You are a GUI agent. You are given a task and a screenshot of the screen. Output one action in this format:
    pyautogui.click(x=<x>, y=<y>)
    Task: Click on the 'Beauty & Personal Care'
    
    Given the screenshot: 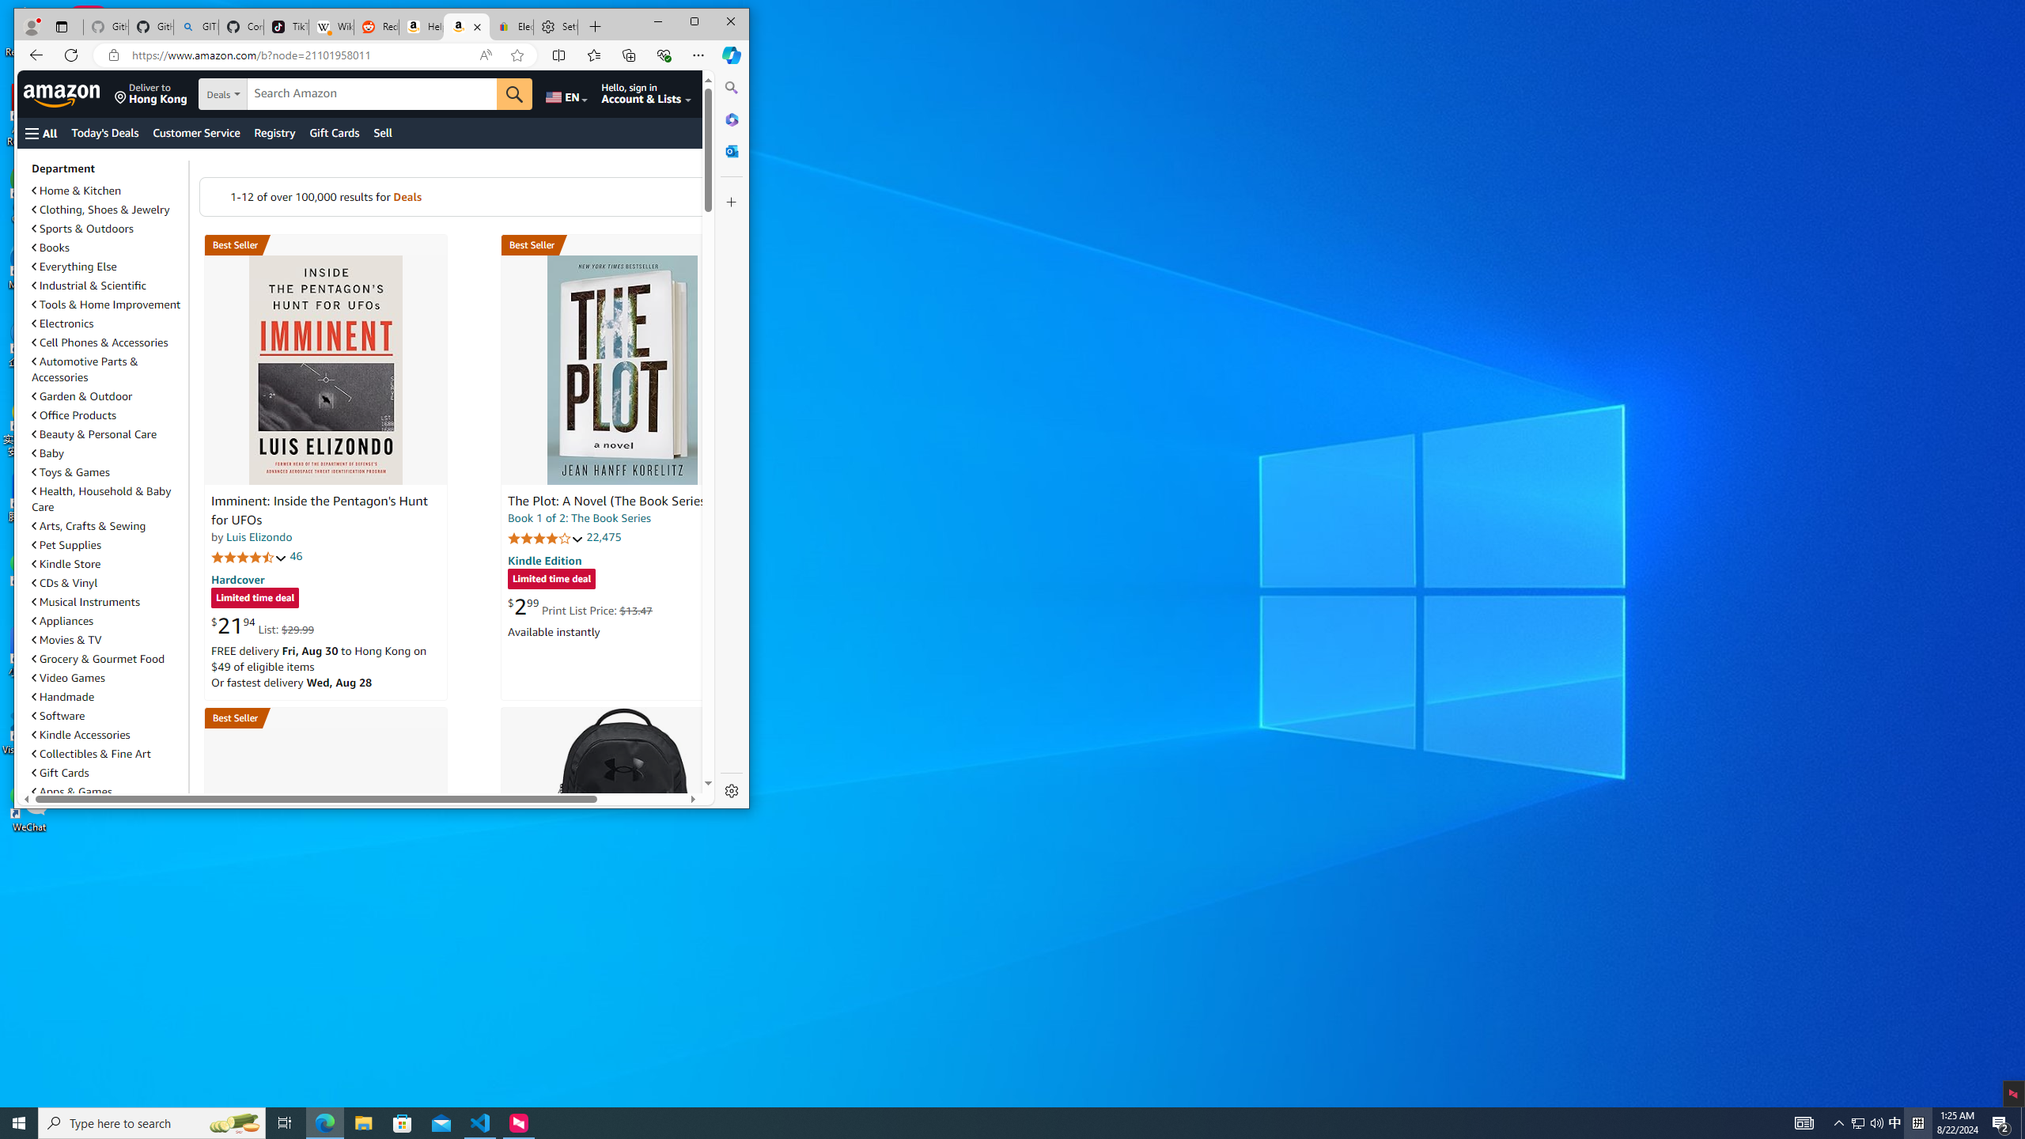 What is the action you would take?
    pyautogui.click(x=94, y=433)
    